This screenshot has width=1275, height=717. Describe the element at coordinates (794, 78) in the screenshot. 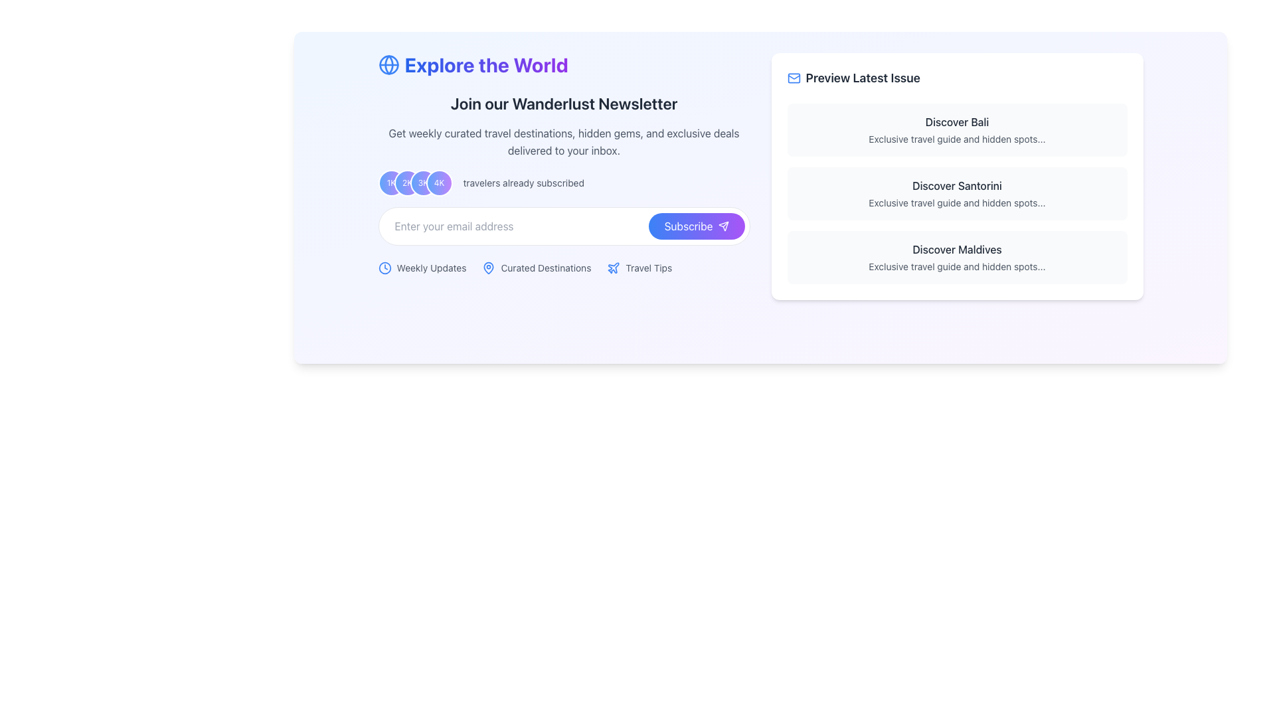

I see `the mail icon with a blue outline and center envelope graphic located at the top-left of the 'Preview Latest Issue' card` at that location.